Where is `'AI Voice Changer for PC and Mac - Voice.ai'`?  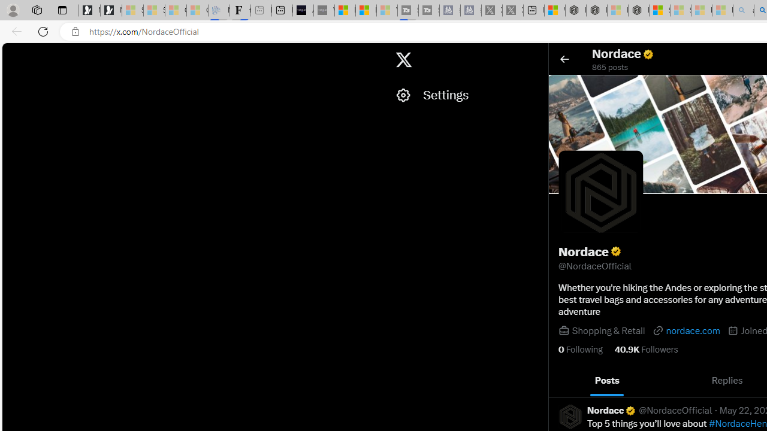
'AI Voice Changer for PC and Mac - Voice.ai' is located at coordinates (303, 10).